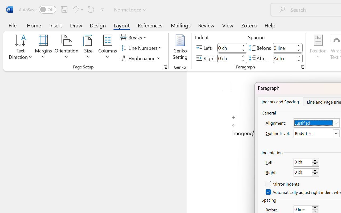  I want to click on 'Page Setup...', so click(165, 67).